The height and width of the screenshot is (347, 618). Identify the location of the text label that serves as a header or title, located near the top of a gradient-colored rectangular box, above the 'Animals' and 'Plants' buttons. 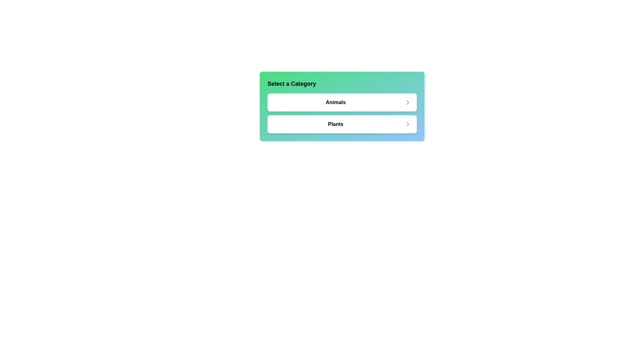
(291, 84).